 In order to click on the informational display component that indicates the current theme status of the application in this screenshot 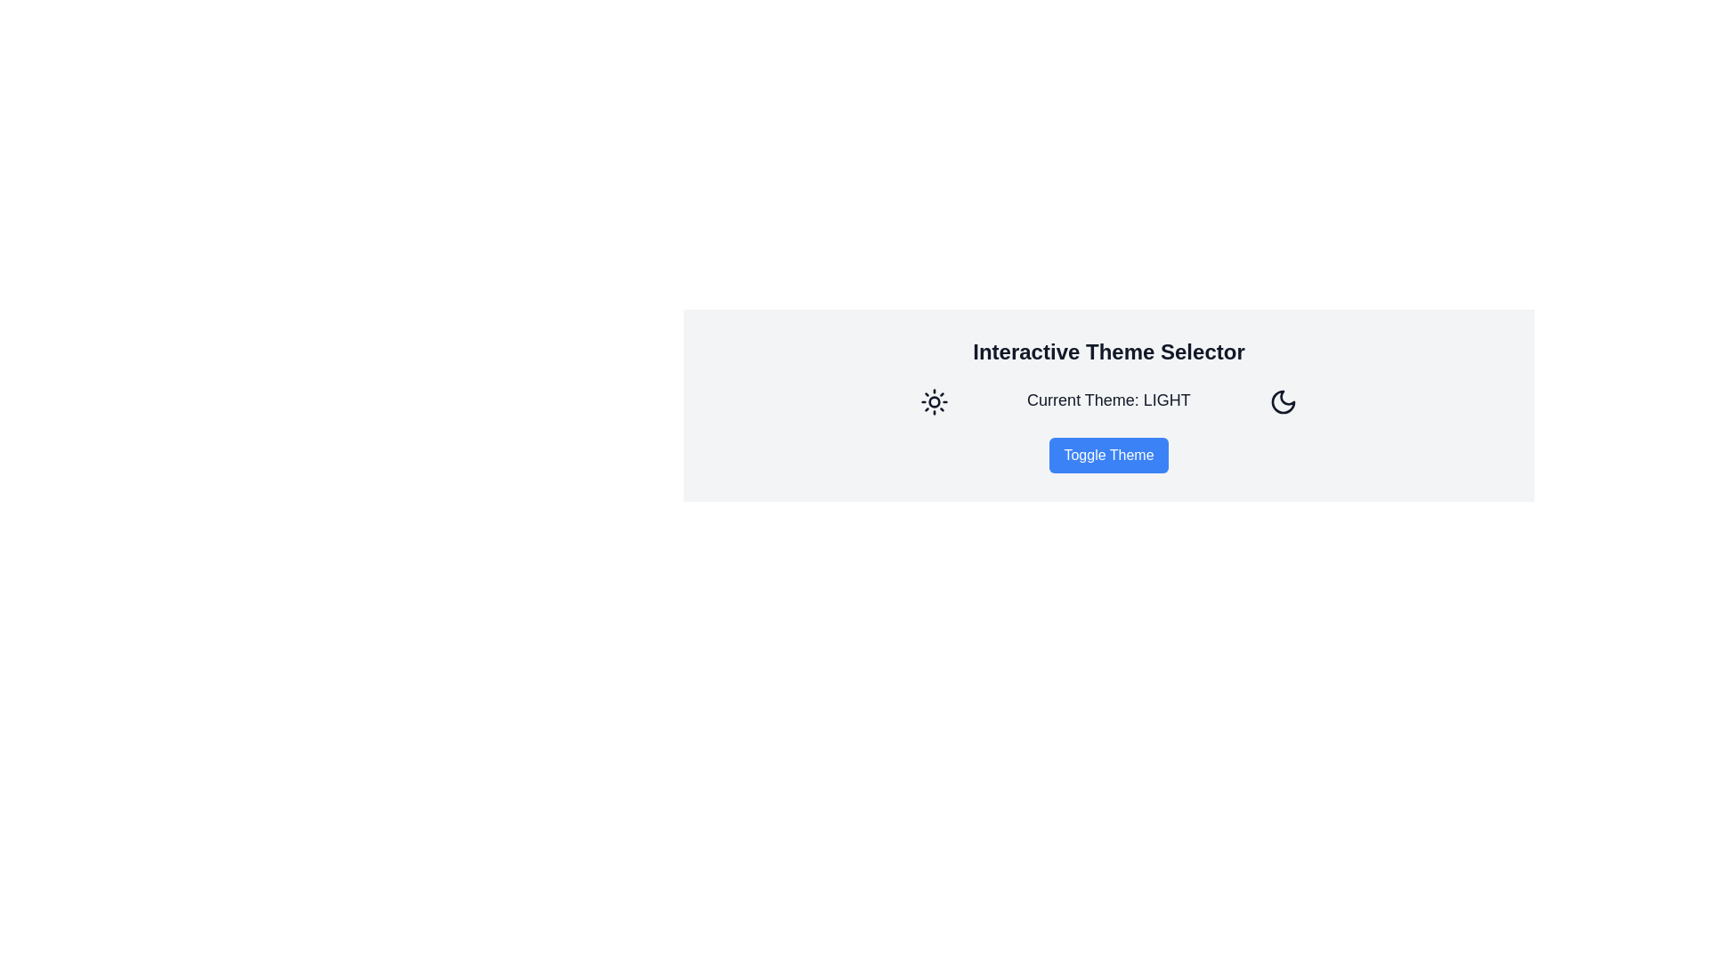, I will do `click(1108, 401)`.